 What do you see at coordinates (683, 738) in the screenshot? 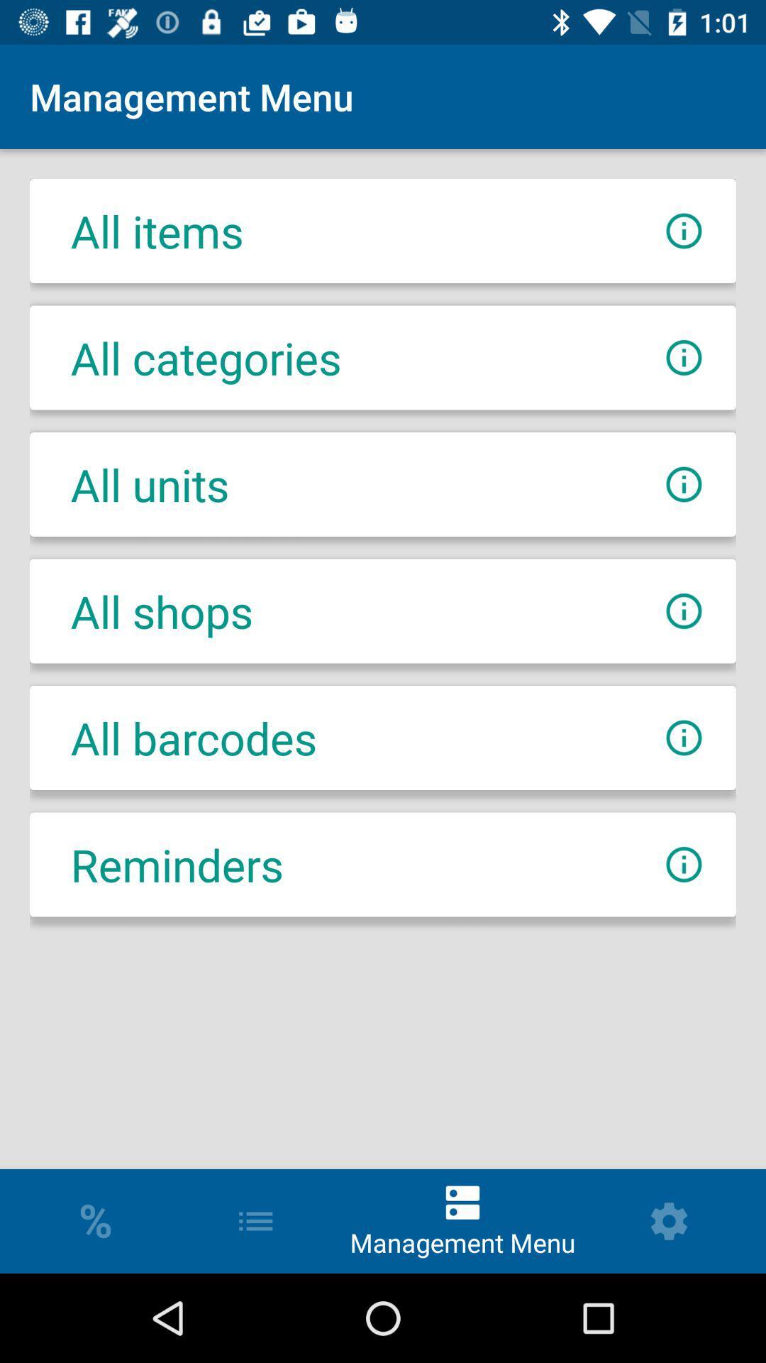
I see `search all barcodes` at bounding box center [683, 738].